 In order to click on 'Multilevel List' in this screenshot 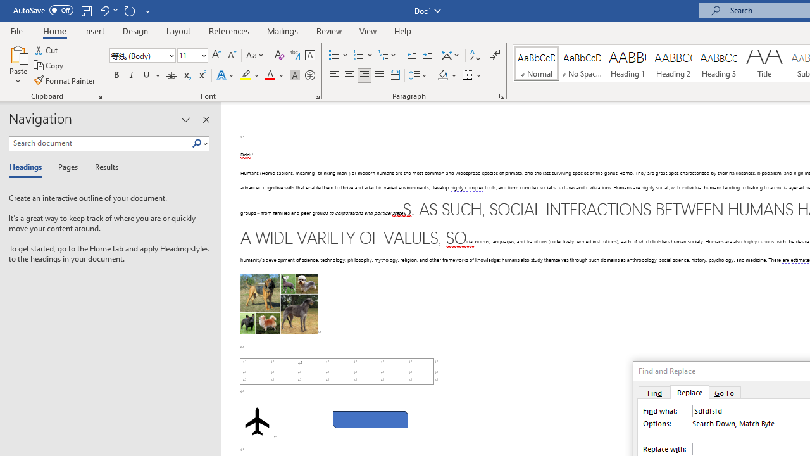, I will do `click(387, 54)`.